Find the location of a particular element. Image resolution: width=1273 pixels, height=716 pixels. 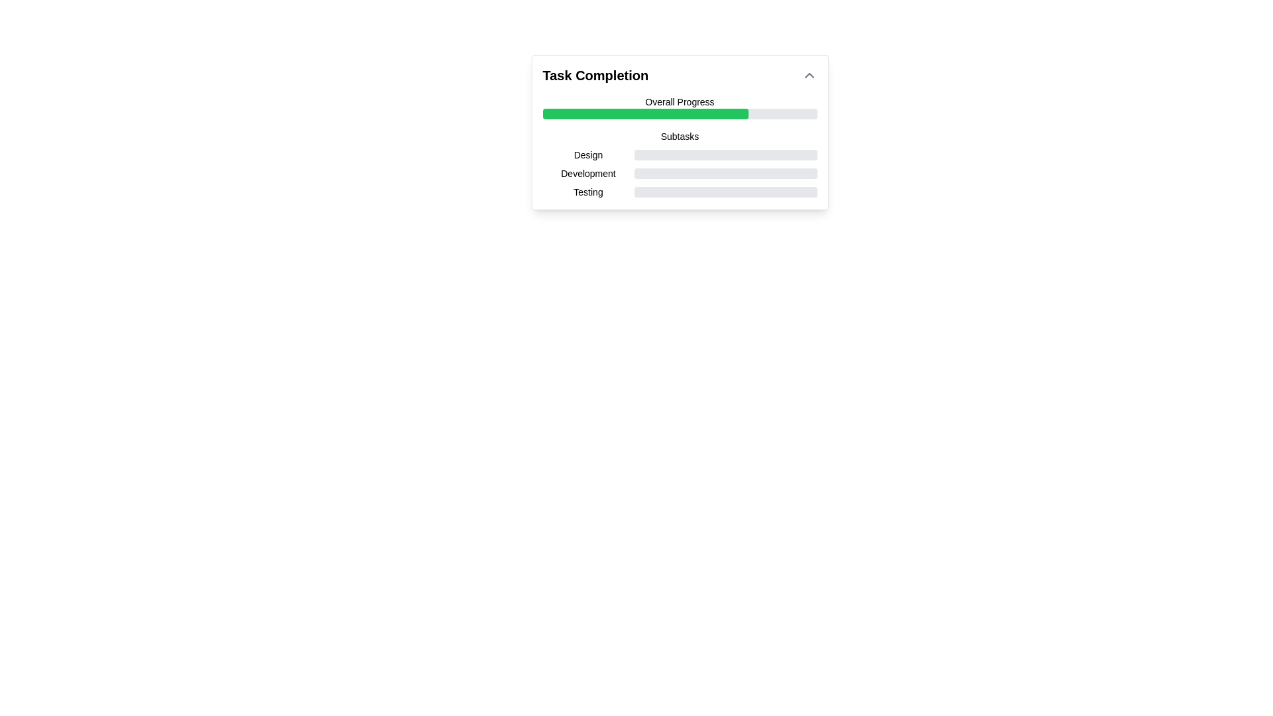

the green progress bar segment indicating 75% completion under the 'Overall Progress' label is located at coordinates (645, 113).